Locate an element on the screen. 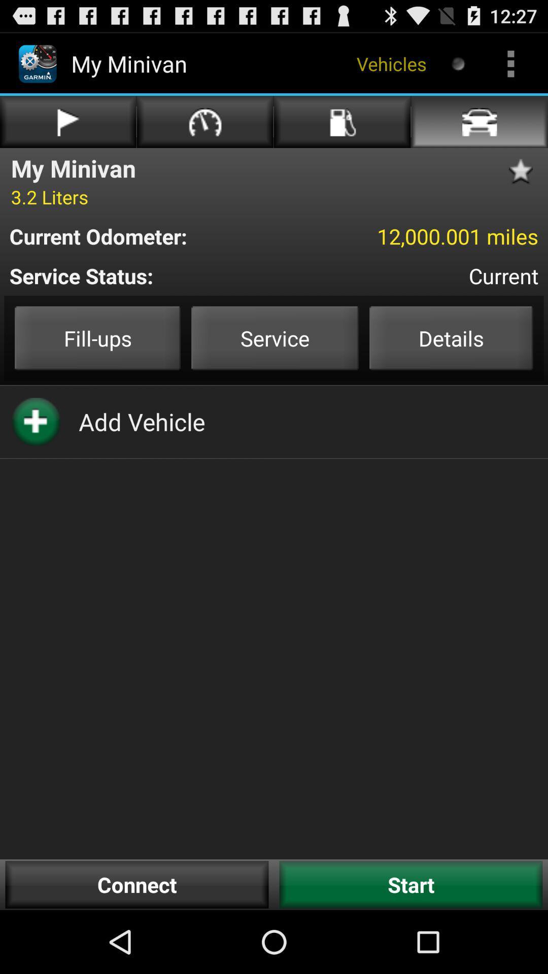 This screenshot has width=548, height=974. car icon right to fuel icon is located at coordinates (479, 122).